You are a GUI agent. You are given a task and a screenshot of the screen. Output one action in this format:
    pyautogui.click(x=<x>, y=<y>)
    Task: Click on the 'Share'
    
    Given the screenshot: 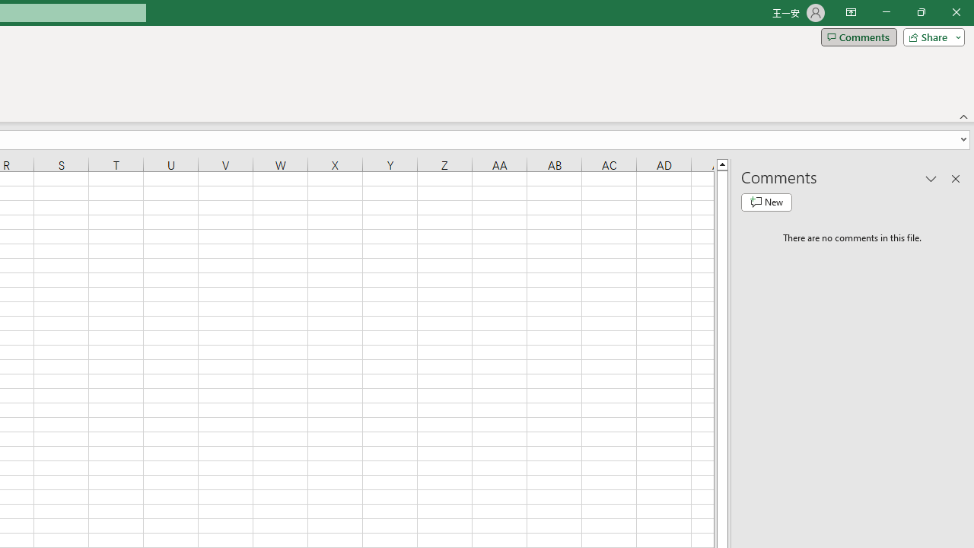 What is the action you would take?
    pyautogui.click(x=930, y=36)
    